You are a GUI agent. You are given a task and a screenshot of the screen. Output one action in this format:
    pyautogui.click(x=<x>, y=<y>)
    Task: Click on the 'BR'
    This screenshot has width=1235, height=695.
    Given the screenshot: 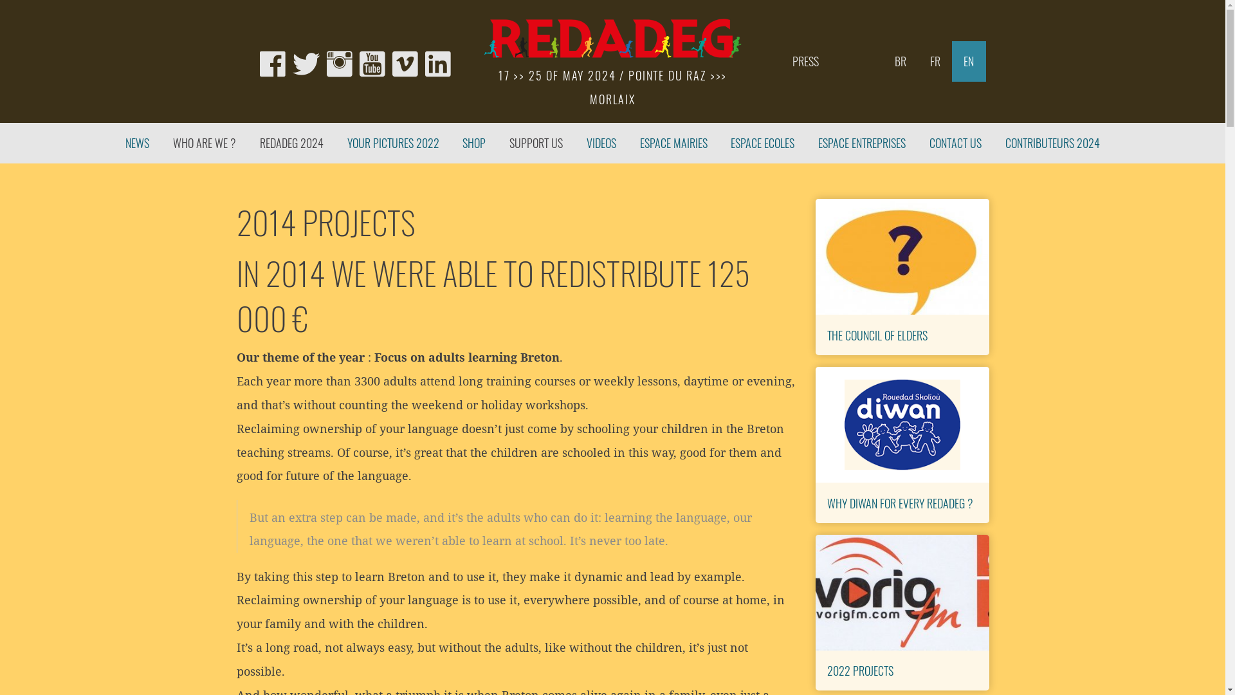 What is the action you would take?
    pyautogui.click(x=899, y=61)
    